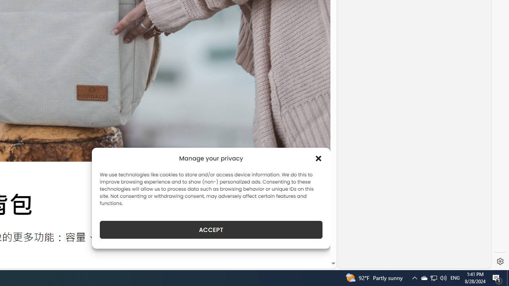 The height and width of the screenshot is (286, 509). Describe the element at coordinates (319, 158) in the screenshot. I see `'Class: cmplz-close'` at that location.